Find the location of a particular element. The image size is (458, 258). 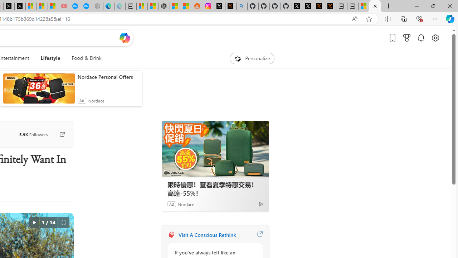

'anim-content' is located at coordinates (38, 91).